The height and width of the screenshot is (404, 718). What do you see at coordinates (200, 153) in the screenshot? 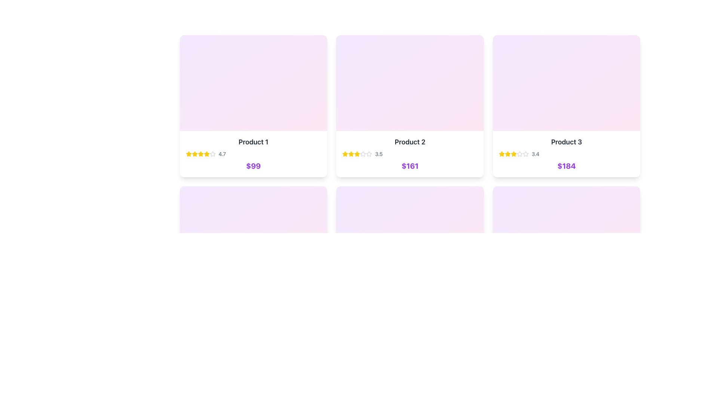
I see `the second star from the left in the rating section of the 'Product 1' card to visually represent a rating` at bounding box center [200, 153].